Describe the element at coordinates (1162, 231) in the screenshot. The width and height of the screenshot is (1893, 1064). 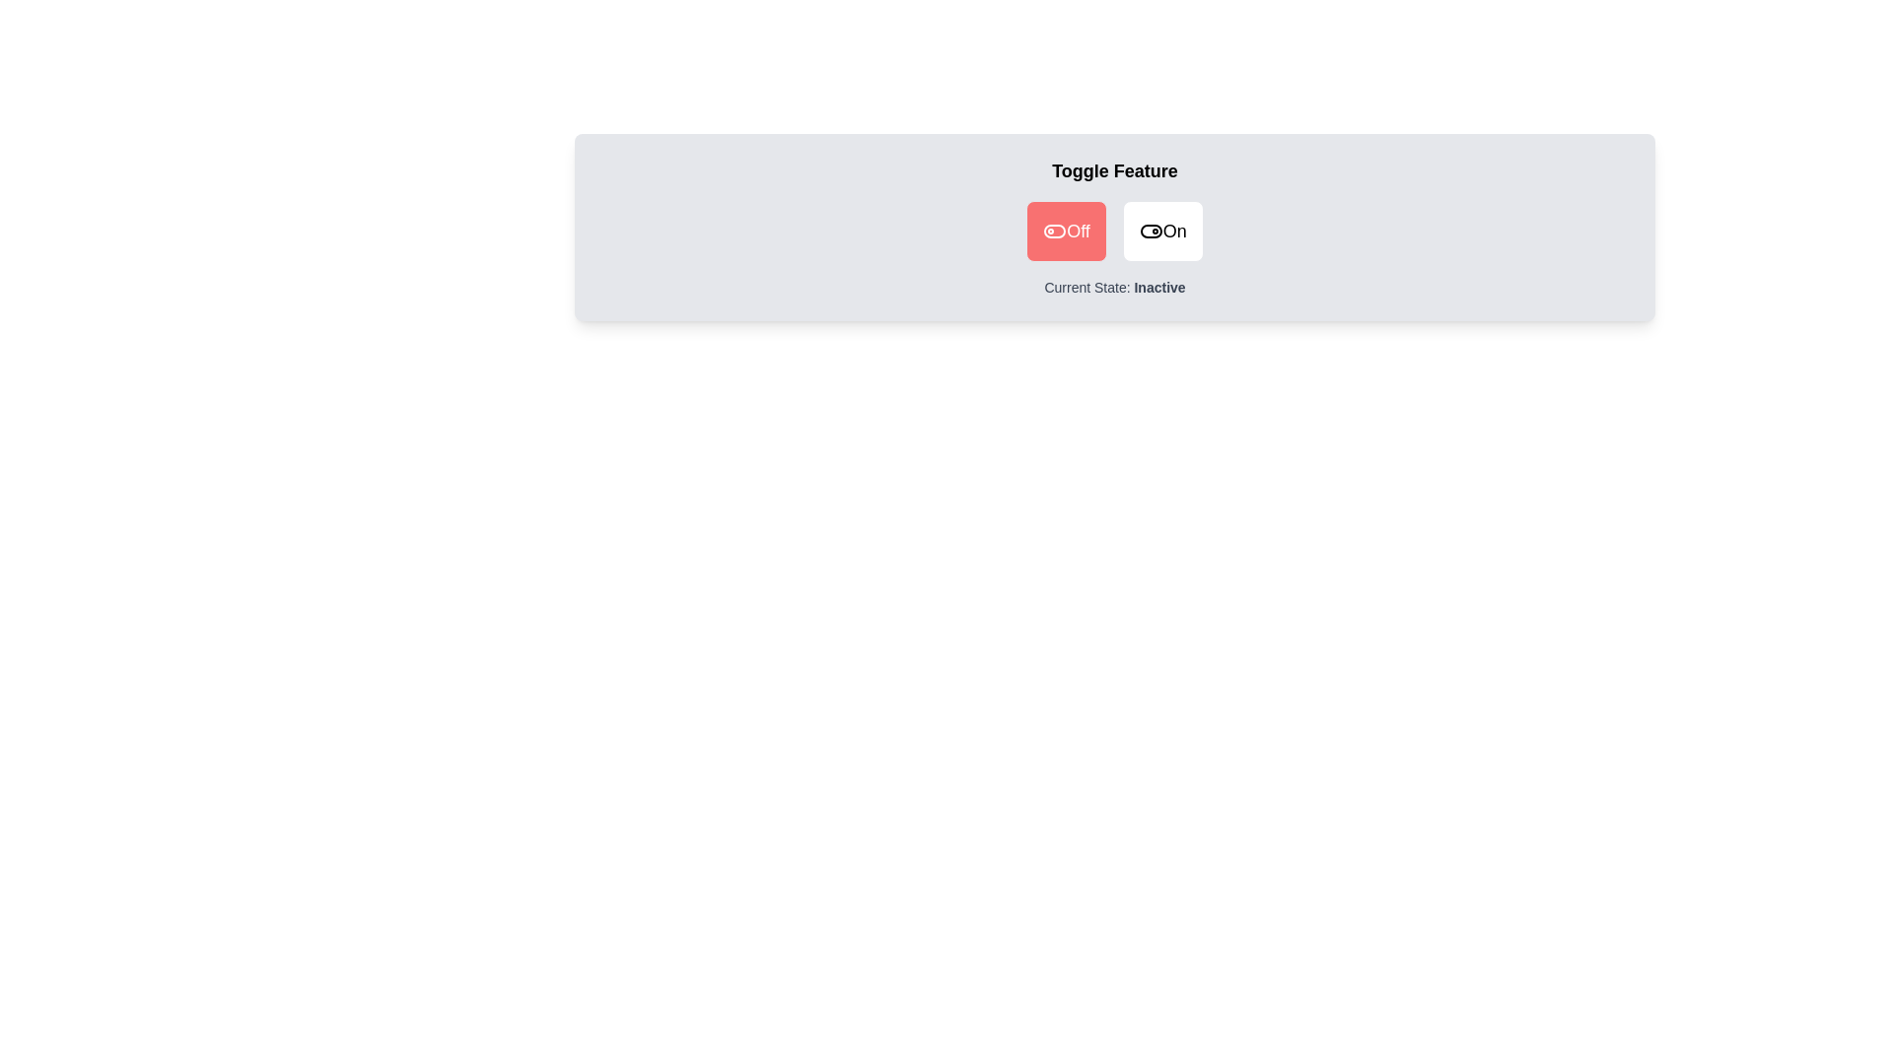
I see `the button labeled On` at that location.